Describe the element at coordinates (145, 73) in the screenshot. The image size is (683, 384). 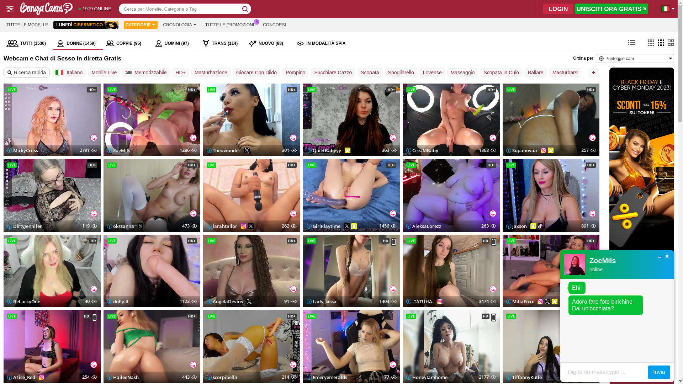
I see `'Memorizzabile'` at that location.